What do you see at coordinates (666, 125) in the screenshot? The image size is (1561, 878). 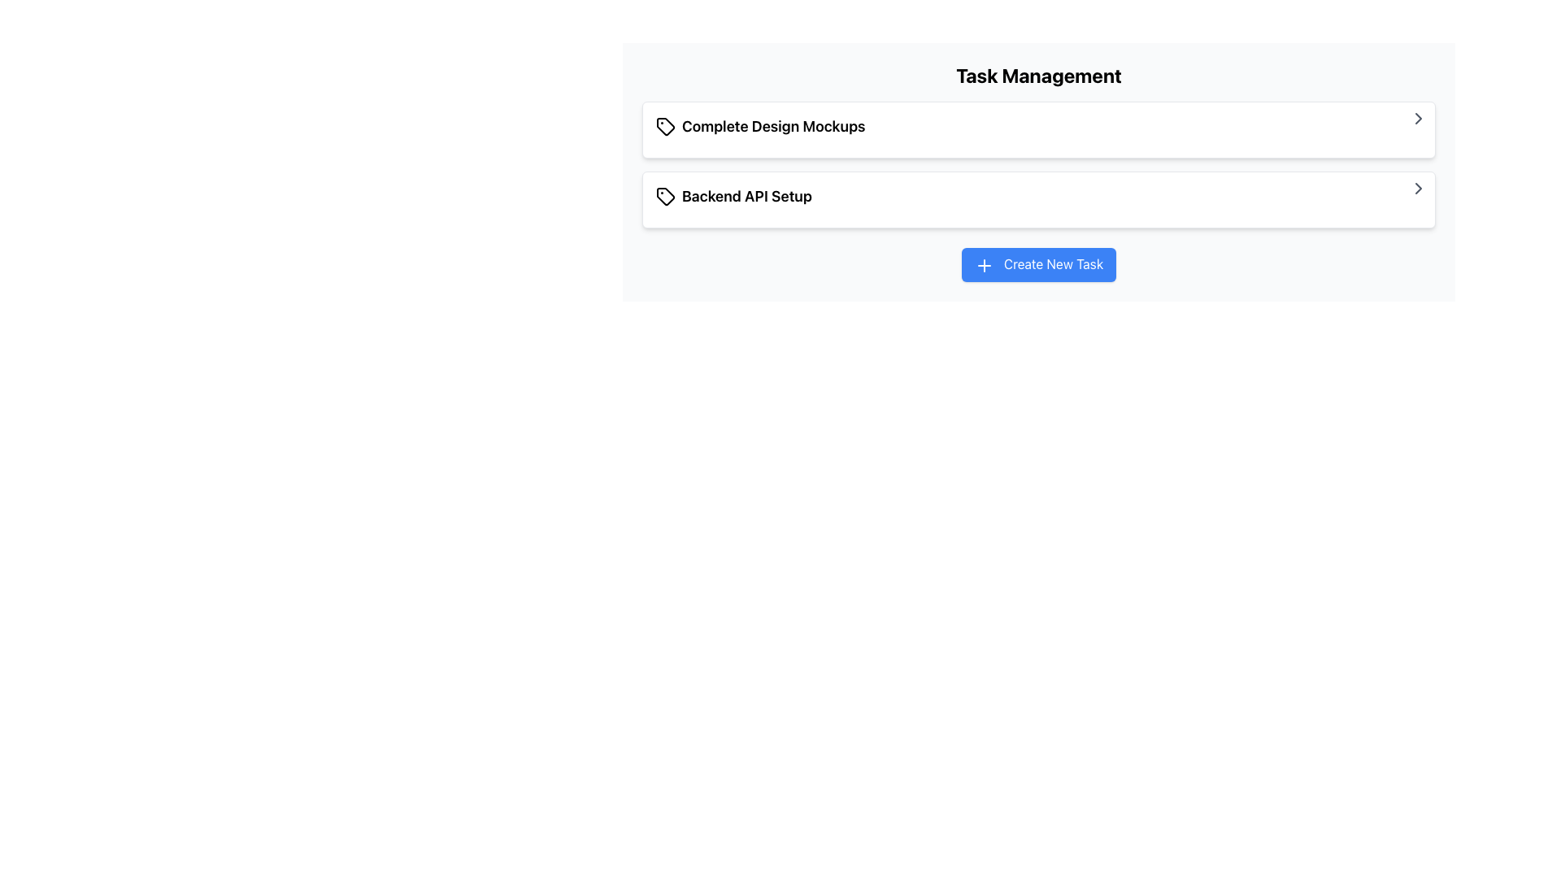 I see `the outlined vector graphic of a tag icon, which is positioned to the left of the 'Complete Design Mockups' title text, to potentially view a tooltip` at bounding box center [666, 125].